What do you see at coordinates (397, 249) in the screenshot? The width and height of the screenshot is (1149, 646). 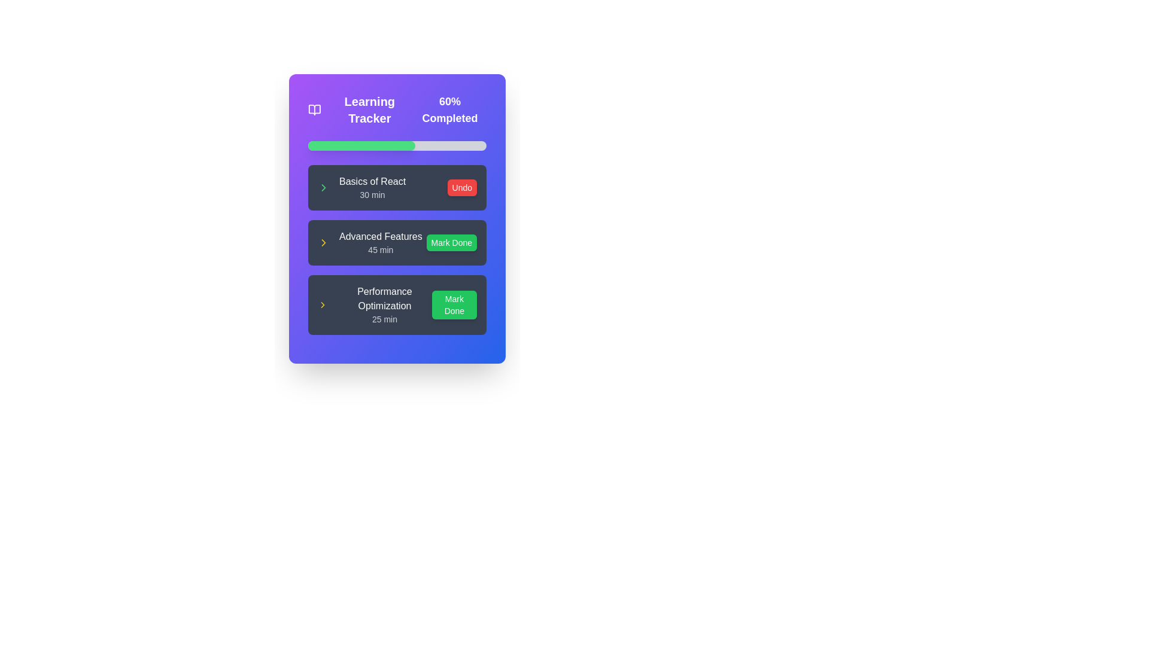 I see `the 'Mark Done' button in the 'Advanced Features' task item of the Learning Tracker to mark the topic as completed` at bounding box center [397, 249].